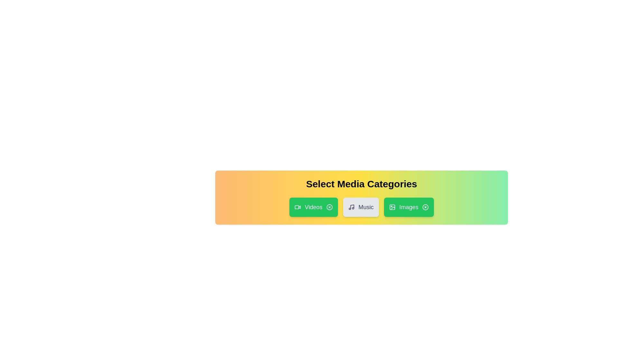 The image size is (618, 347). Describe the element at coordinates (314, 207) in the screenshot. I see `the category button labeled Videos` at that location.